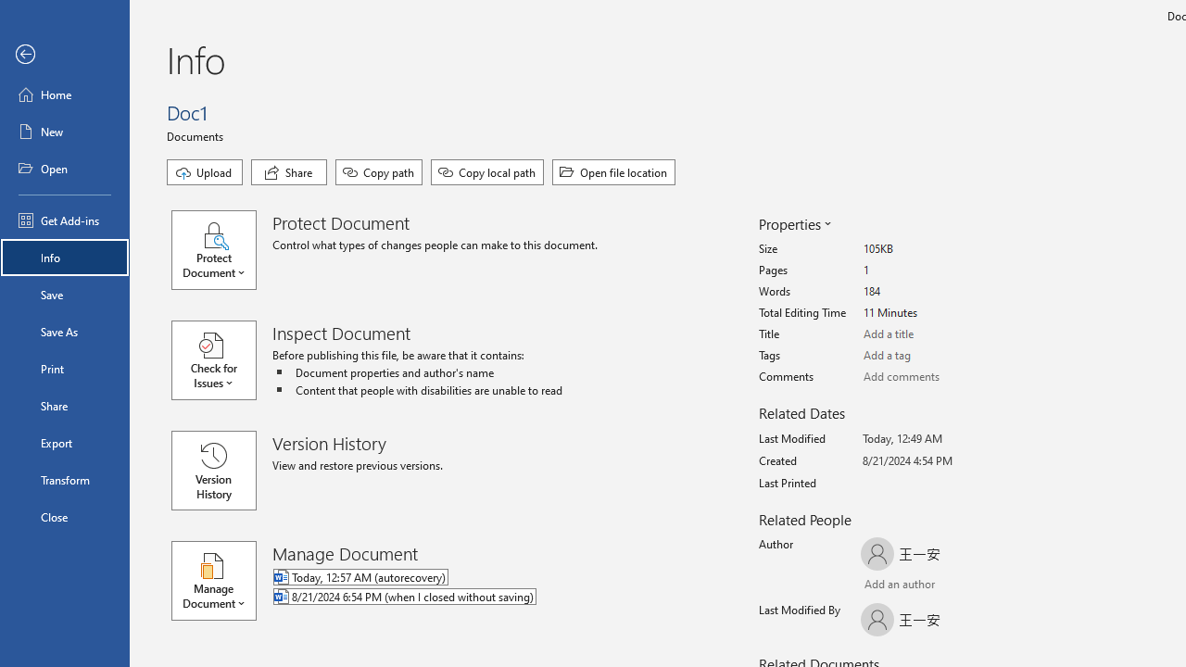  What do you see at coordinates (878, 585) in the screenshot?
I see `'Add an author'` at bounding box center [878, 585].